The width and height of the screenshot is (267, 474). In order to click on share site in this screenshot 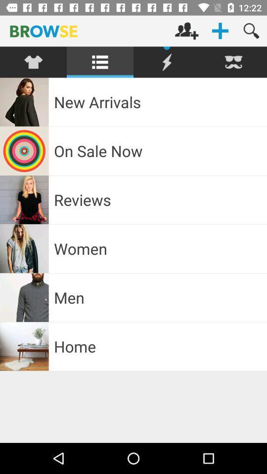, I will do `click(167, 62)`.